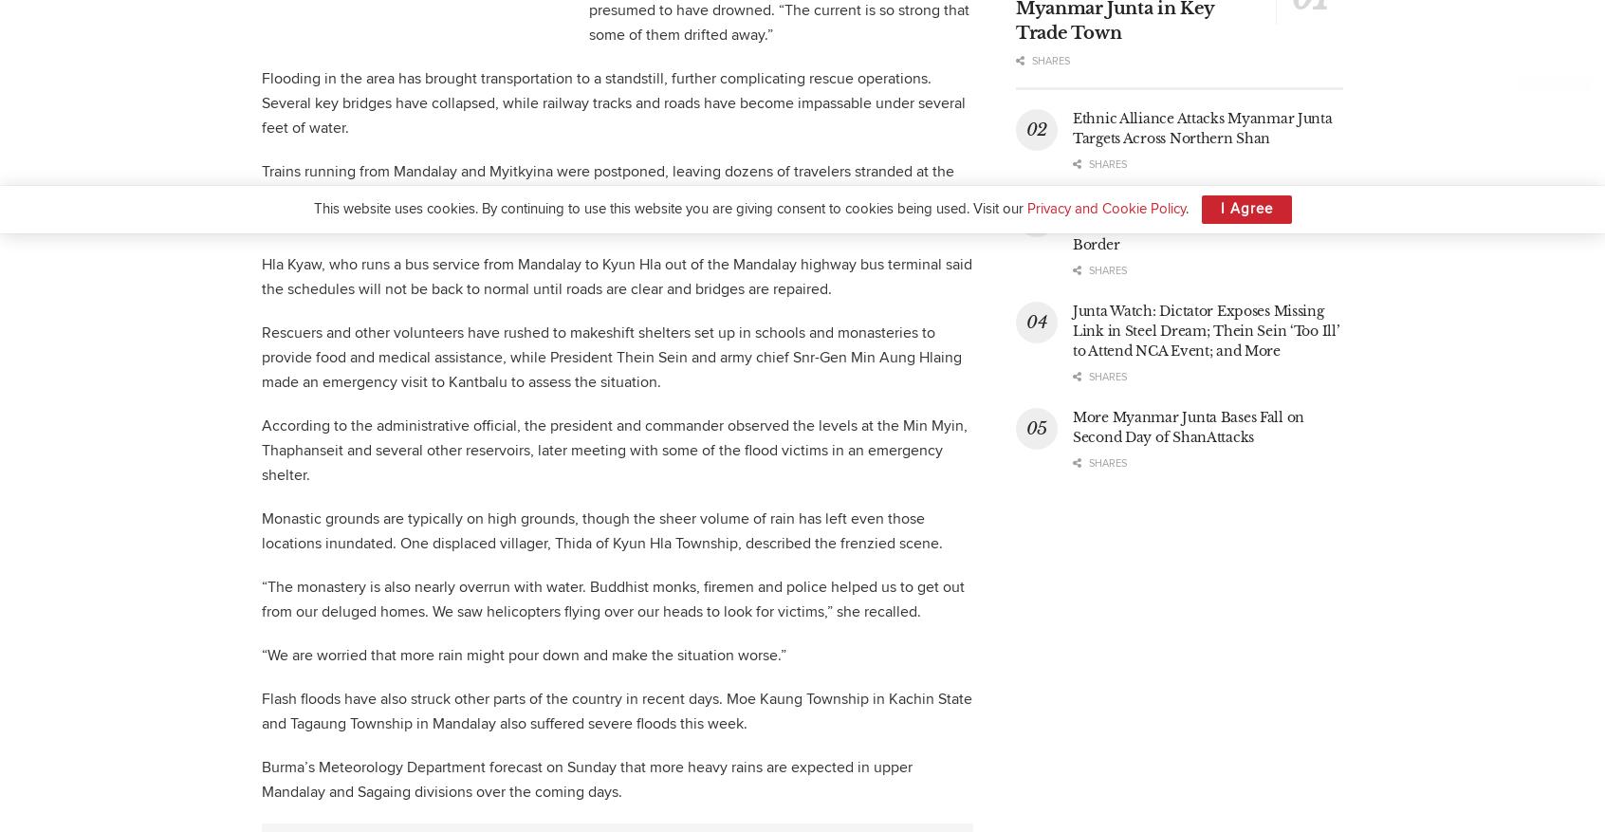 Image resolution: width=1605 pixels, height=832 pixels. Describe the element at coordinates (1205, 330) in the screenshot. I see `'Junta Watch: Dictator Exposes Missing Link in Steel Dream; Thein Sein ‘Too Ill’ to Attend NCA Event; and More'` at that location.